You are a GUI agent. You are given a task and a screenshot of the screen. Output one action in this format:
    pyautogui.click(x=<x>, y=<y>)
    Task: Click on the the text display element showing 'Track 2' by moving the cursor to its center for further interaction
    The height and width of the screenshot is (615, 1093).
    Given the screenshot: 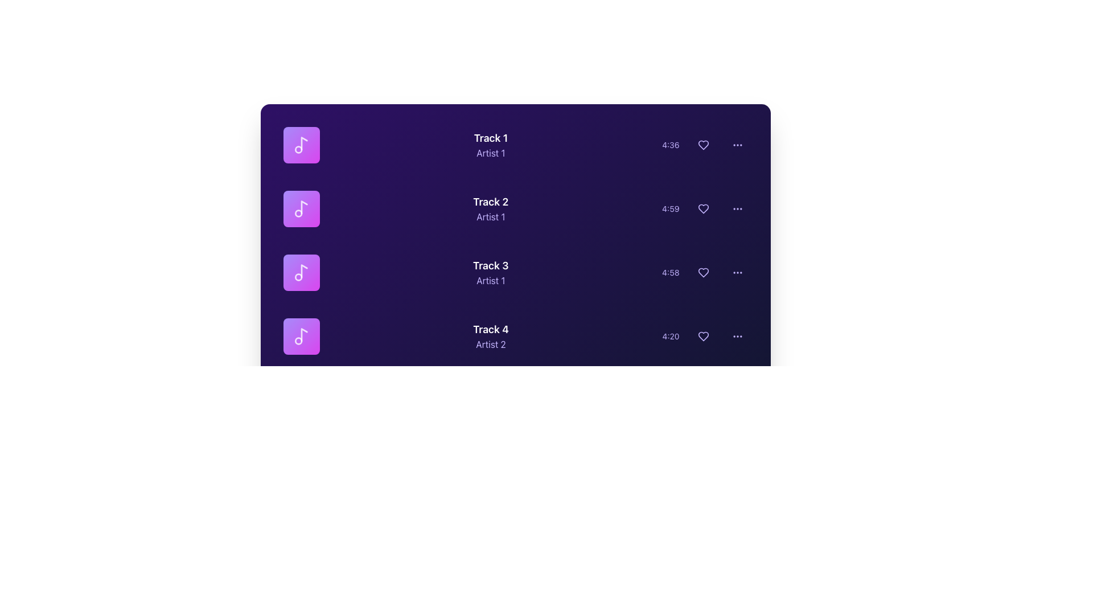 What is the action you would take?
    pyautogui.click(x=491, y=208)
    